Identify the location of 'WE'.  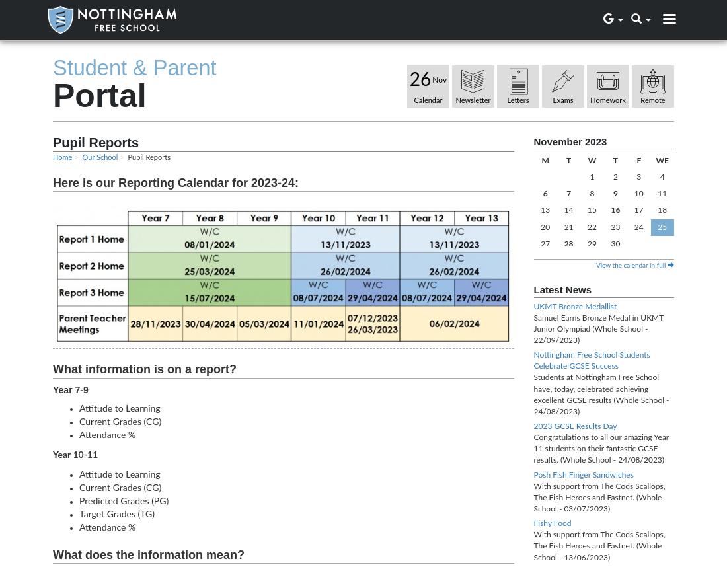
(661, 159).